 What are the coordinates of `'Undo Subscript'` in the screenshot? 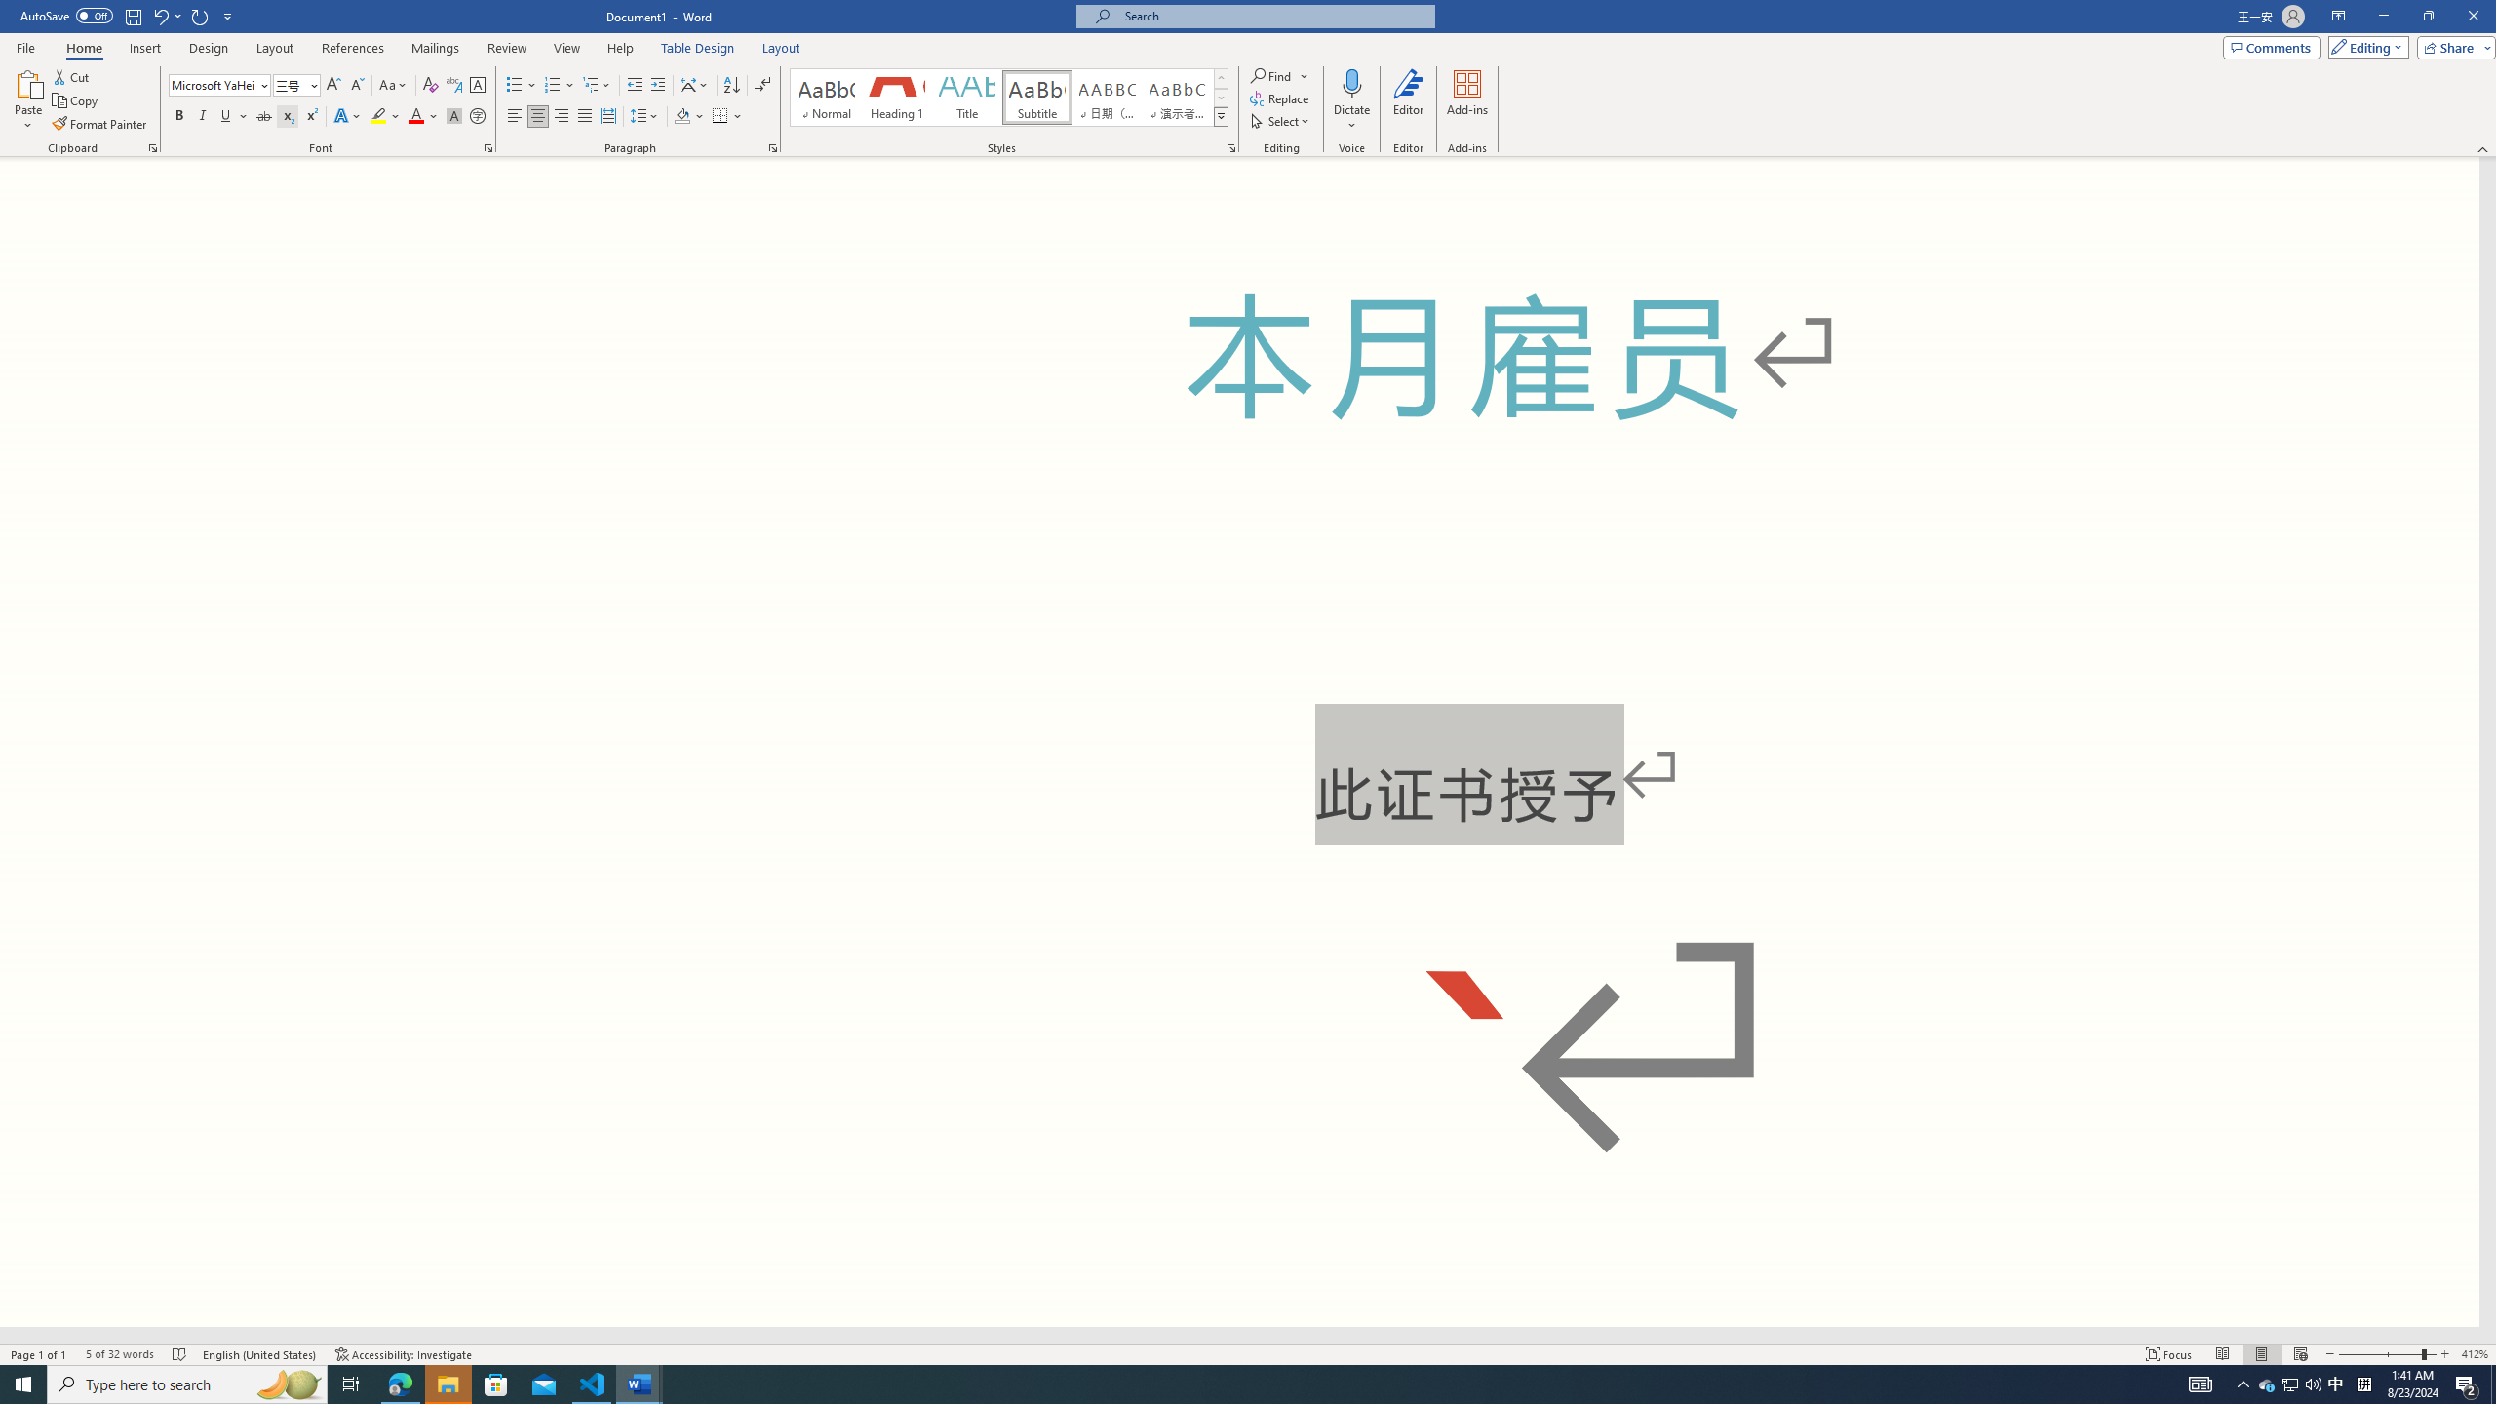 It's located at (166, 15).